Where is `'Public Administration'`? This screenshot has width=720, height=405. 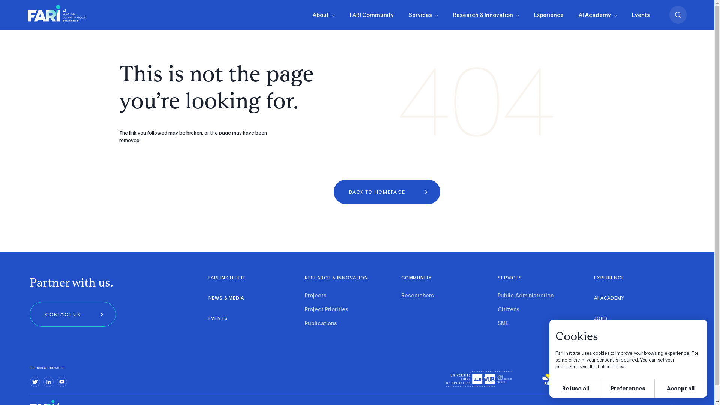 'Public Administration' is located at coordinates (525, 295).